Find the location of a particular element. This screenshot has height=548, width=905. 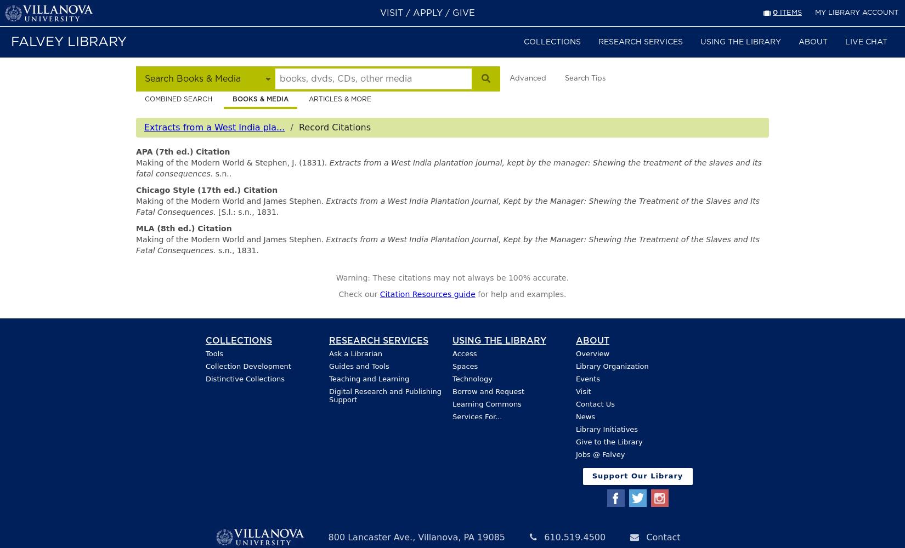

'Making of the Modern World & Stephen, J. (1831).' is located at coordinates (135, 162).